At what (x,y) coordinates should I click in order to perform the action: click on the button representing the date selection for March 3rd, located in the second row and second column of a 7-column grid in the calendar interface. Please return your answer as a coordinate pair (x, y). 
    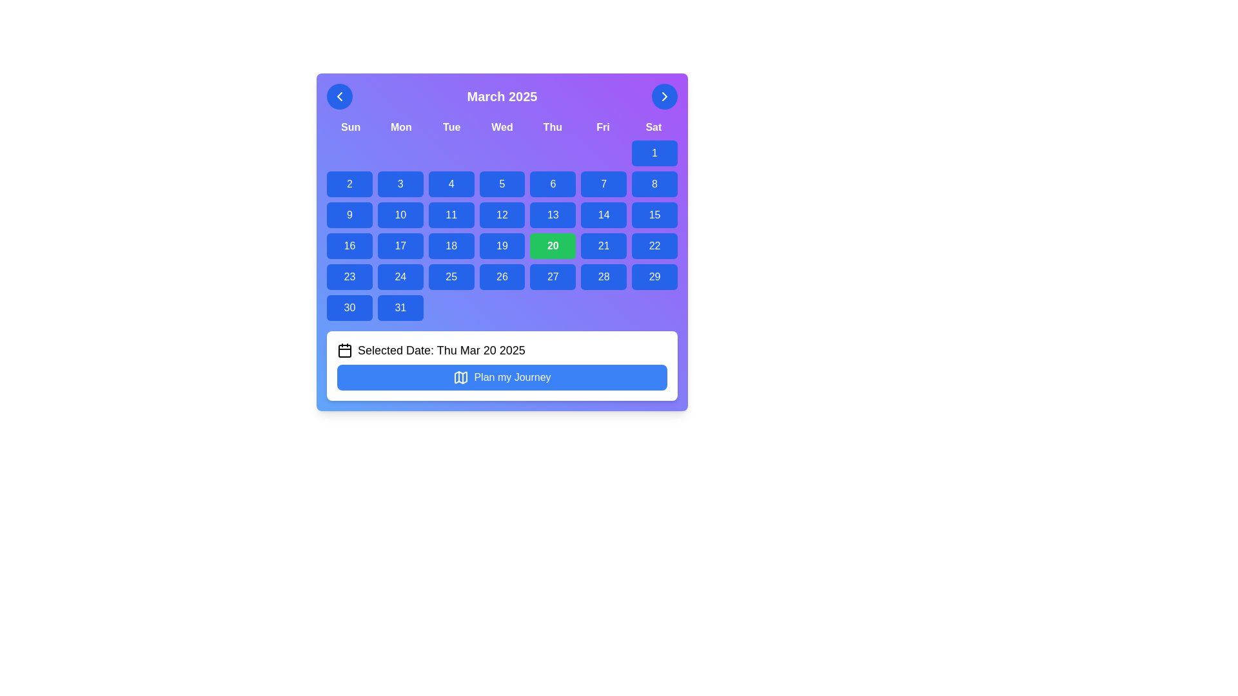
    Looking at the image, I should click on (400, 184).